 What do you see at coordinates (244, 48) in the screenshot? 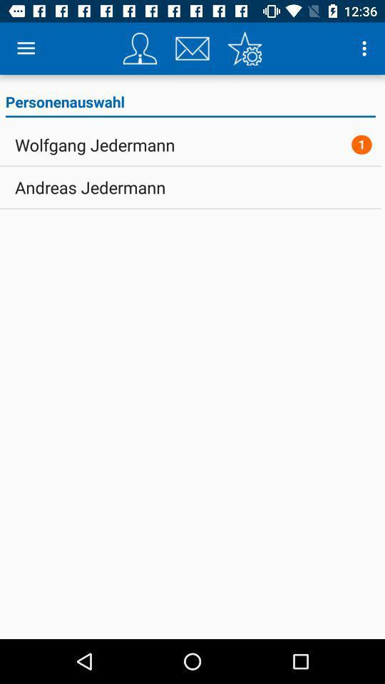
I see `the item above personenauswahl item` at bounding box center [244, 48].